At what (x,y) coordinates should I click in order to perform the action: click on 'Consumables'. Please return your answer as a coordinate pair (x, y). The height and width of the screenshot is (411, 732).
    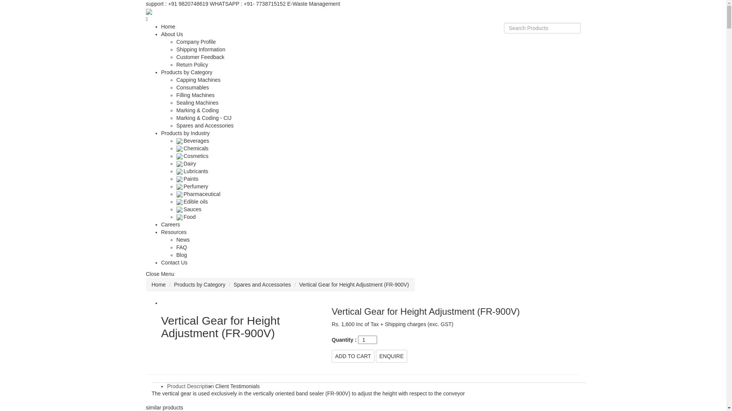
    Looking at the image, I should click on (175, 87).